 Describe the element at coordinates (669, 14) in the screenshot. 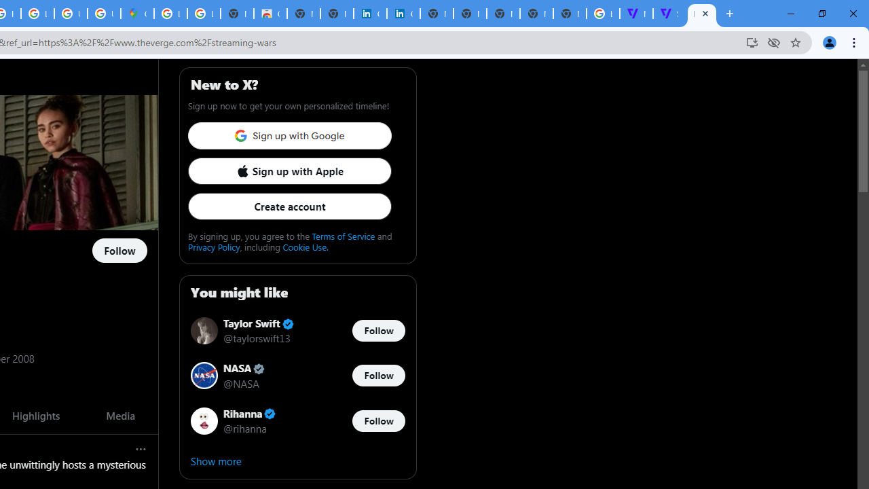

I see `'Streaming - The Verge'` at that location.